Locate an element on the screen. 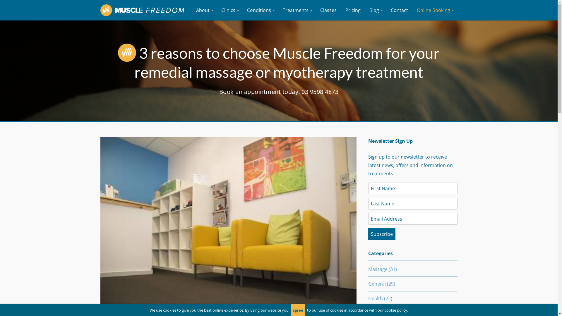 This screenshot has width=562, height=316. 'General' is located at coordinates (368, 283).